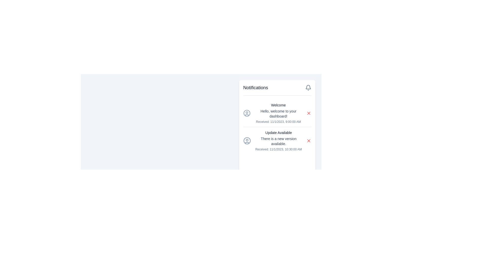  I want to click on the Title Section of the notifications card, so click(277, 89).